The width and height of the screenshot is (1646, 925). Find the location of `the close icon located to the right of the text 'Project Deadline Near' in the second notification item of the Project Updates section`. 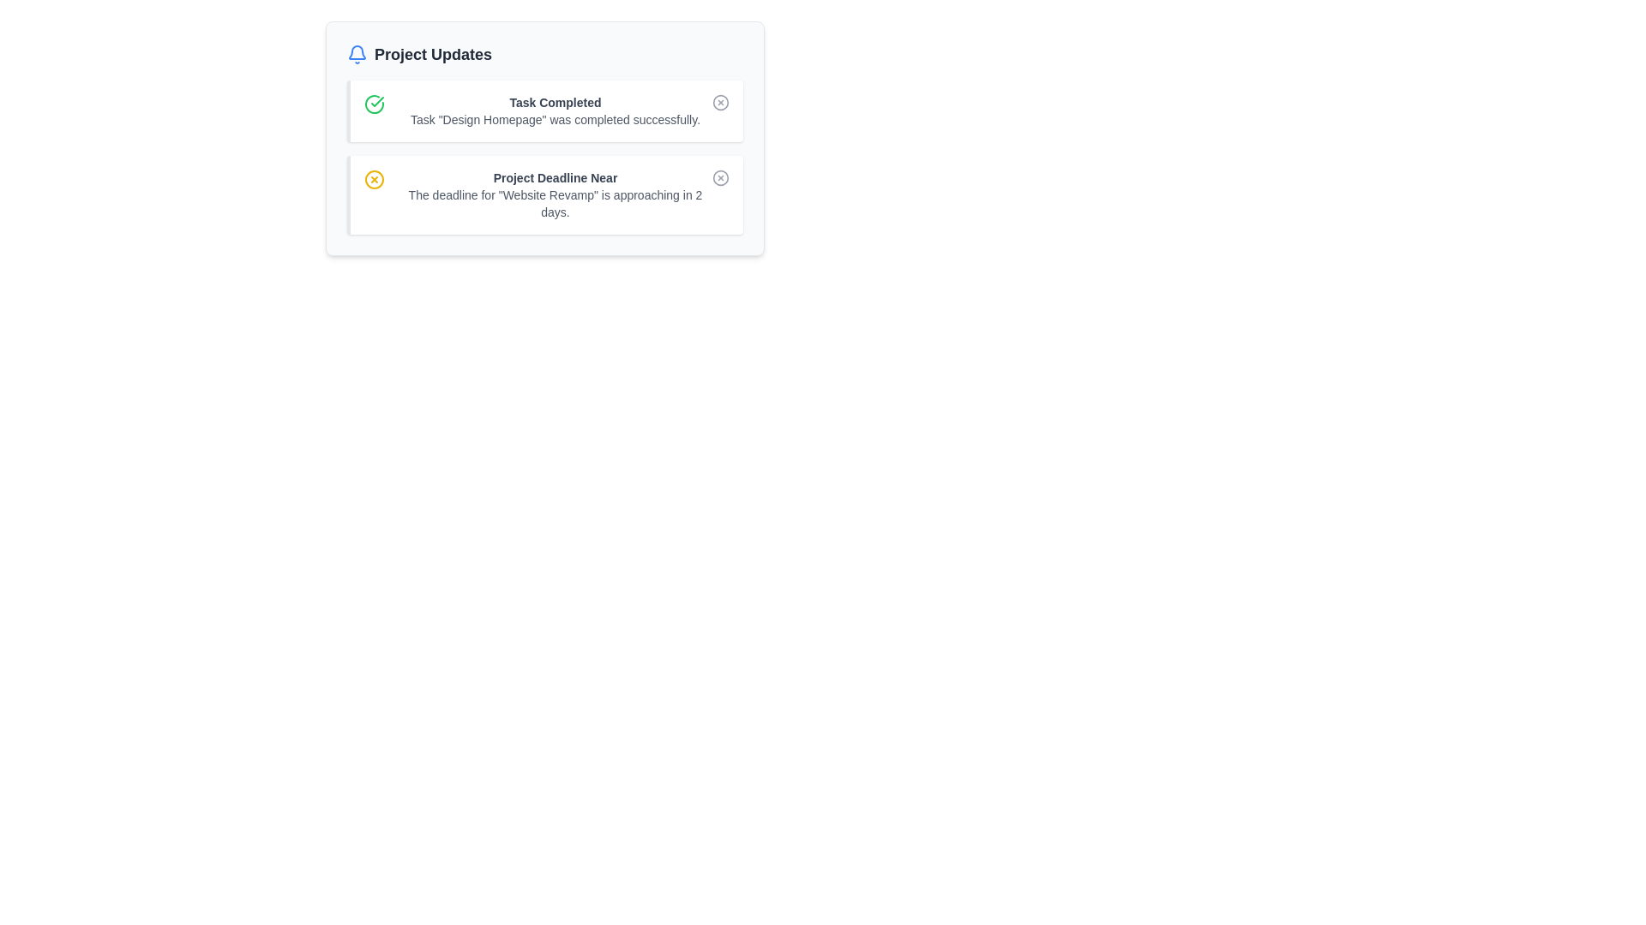

the close icon located to the right of the text 'Project Deadline Near' in the second notification item of the Project Updates section is located at coordinates (373, 179).